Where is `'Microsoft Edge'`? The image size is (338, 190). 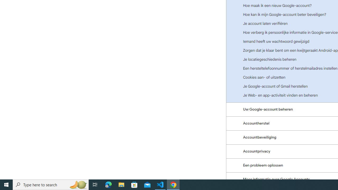
'Microsoft Edge' is located at coordinates (108, 184).